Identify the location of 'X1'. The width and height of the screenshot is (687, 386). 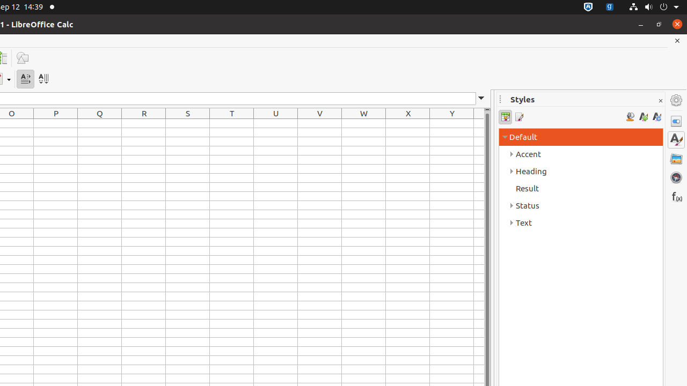
(407, 123).